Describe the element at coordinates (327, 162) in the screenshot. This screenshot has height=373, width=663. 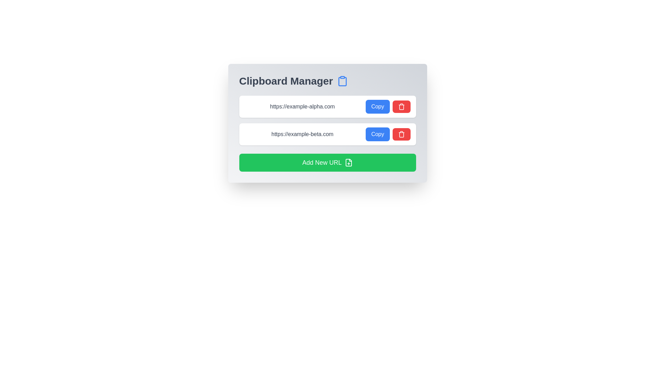
I see `the 'Add URL' button located at the bottom of the 'Clipboard Manager' card` at that location.